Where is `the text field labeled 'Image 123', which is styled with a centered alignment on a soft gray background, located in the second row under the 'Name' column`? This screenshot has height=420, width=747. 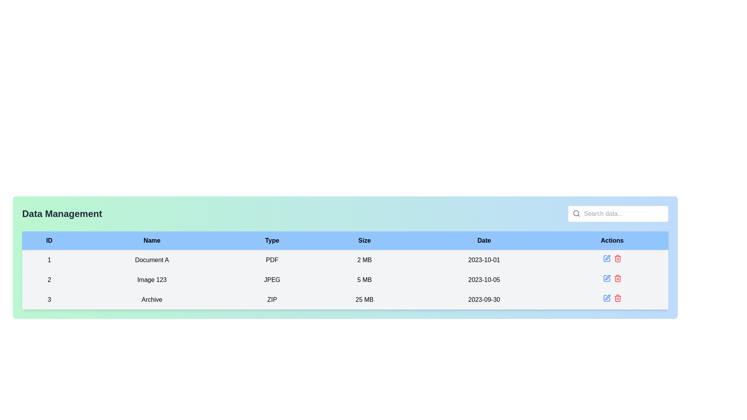
the text field labeled 'Image 123', which is styled with a centered alignment on a soft gray background, located in the second row under the 'Name' column is located at coordinates (152, 279).